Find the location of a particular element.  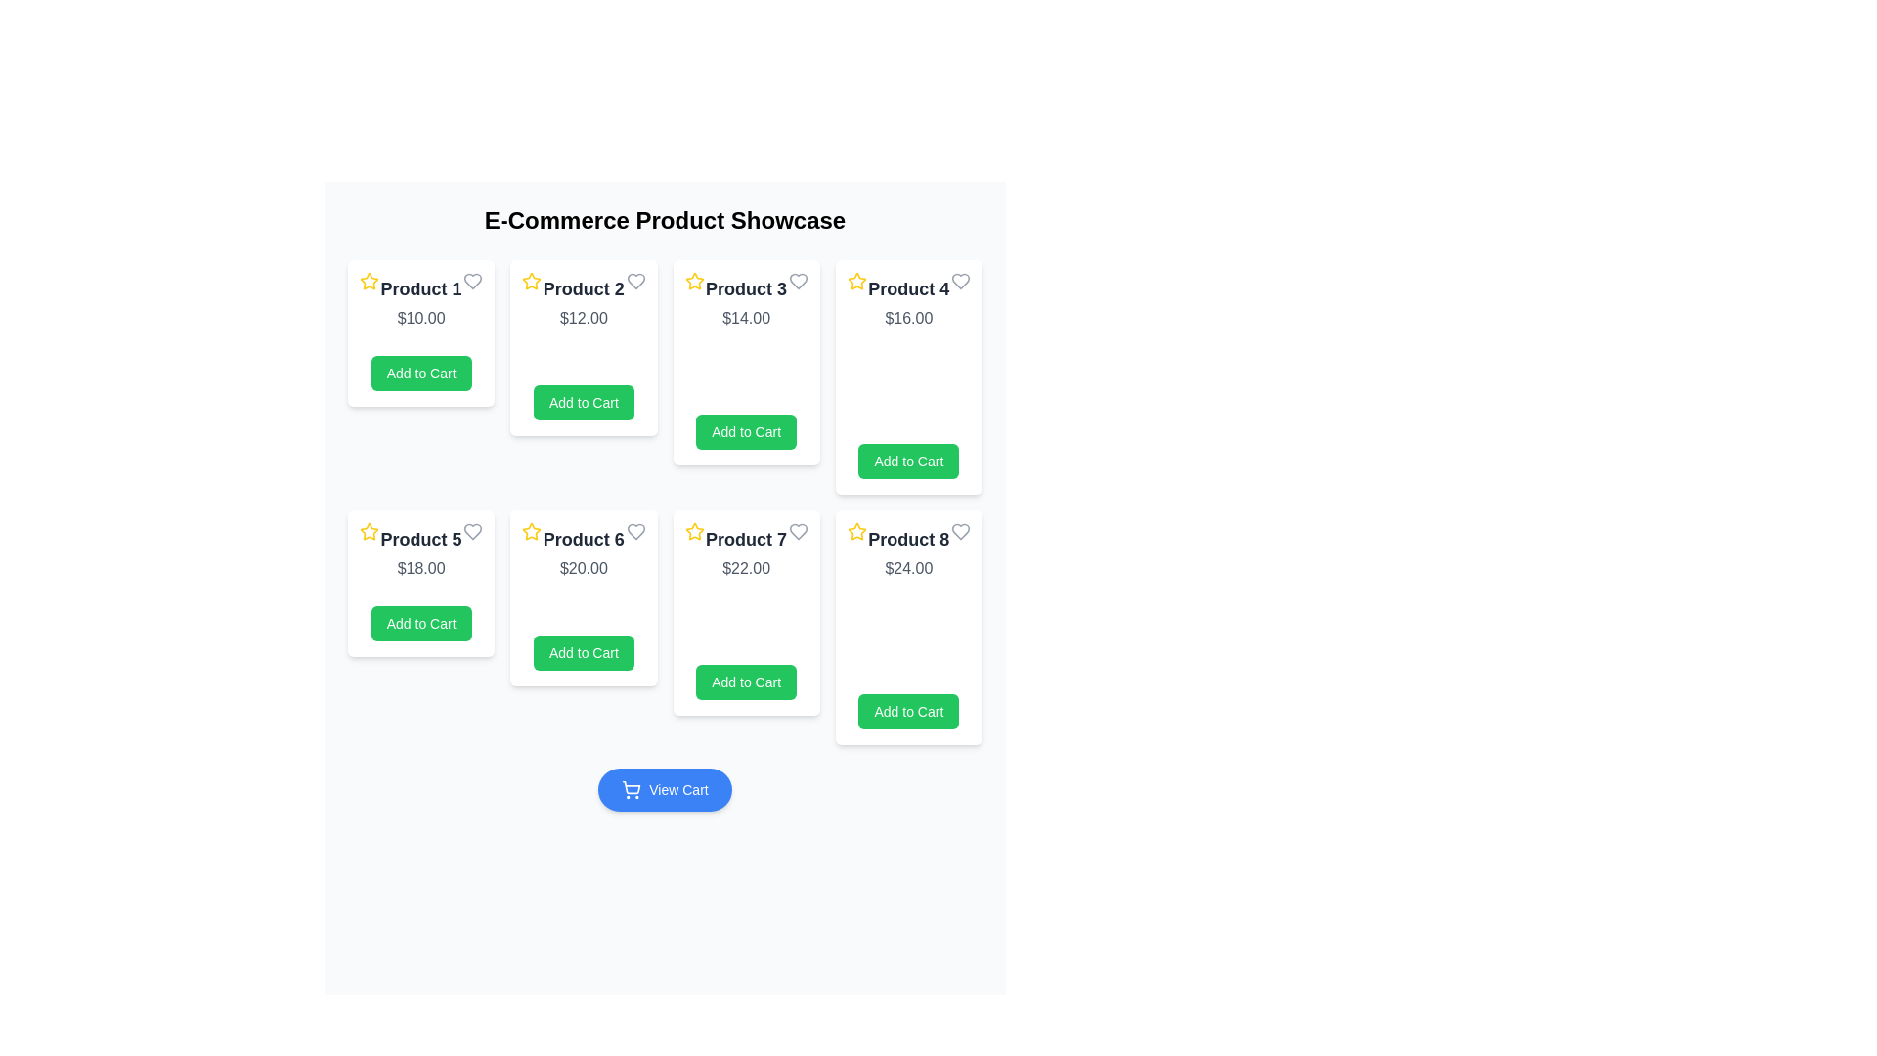

text label 'Product 3' which is styled in bold dark gray color and located at the top center of a product card in the second column of the first row of a grid layout is located at coordinates (745, 289).